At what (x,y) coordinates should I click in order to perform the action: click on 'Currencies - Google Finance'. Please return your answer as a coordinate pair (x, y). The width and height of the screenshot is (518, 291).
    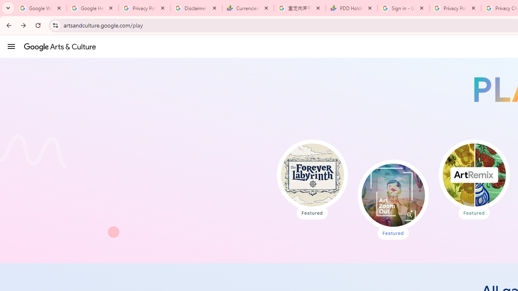
    Looking at the image, I should click on (248, 8).